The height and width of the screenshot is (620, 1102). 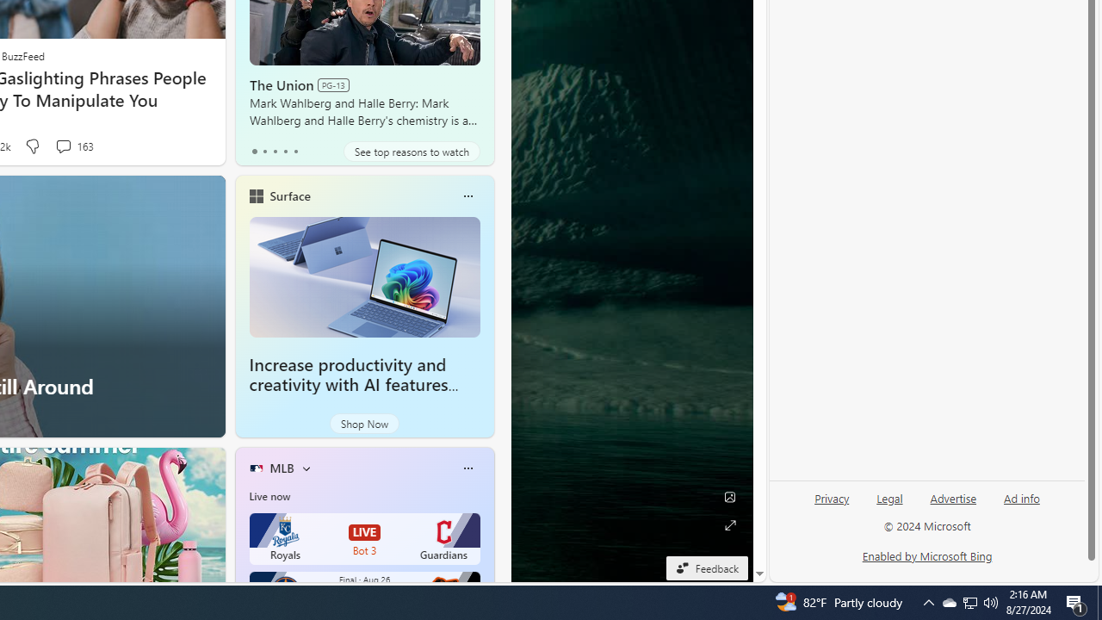 What do you see at coordinates (363, 538) in the screenshot?
I see `'Royals LIVE Bot 3 Guardians'` at bounding box center [363, 538].